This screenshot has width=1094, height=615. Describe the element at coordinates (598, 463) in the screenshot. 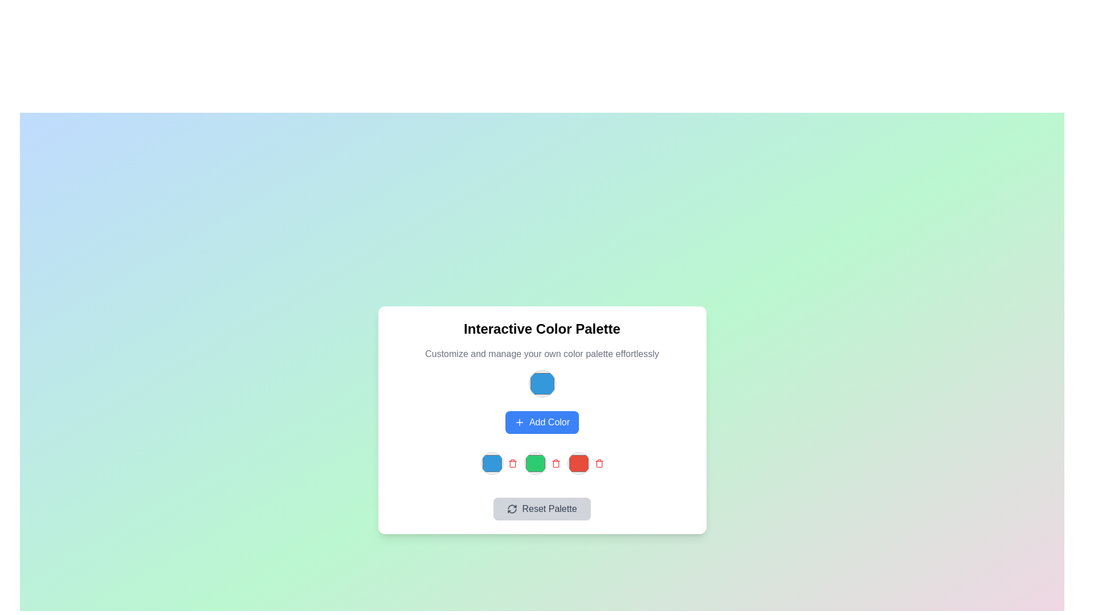

I see `the Trash/Delete icon located to the right of the circular color selection button` at that location.